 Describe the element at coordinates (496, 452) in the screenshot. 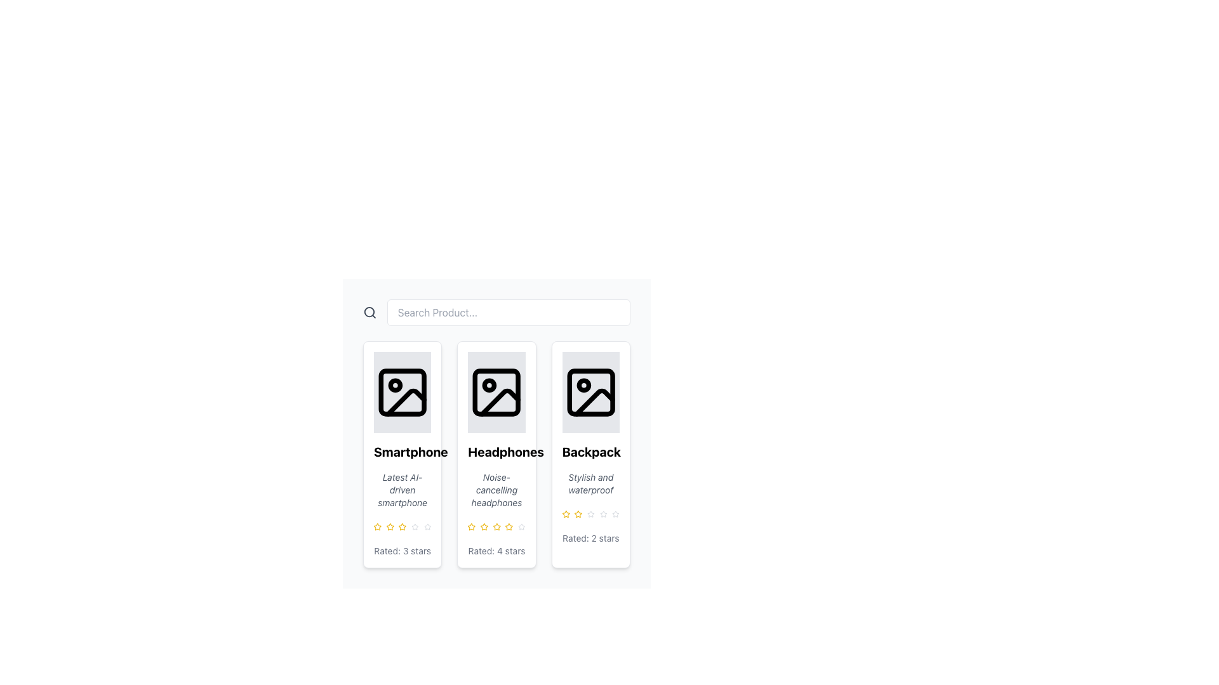

I see `text label that reads 'Headphones', which is styled in bold font and located prominently in the second product card, beneath the product icon and above the description 'Noise-cancelling headphones'` at that location.